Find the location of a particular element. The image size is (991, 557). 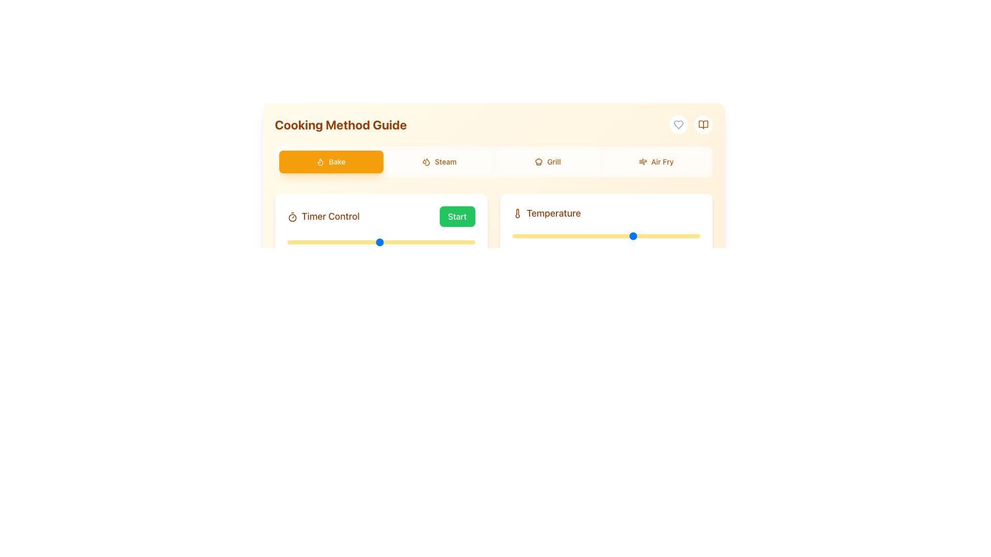

the second droplet icon in the 'Cooking Method Guide' section, which is filled with a gradient or uniform fill style and located horizontally among other icons is located at coordinates (427, 162).